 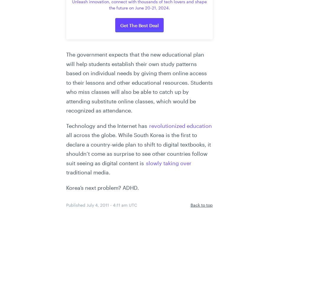 What do you see at coordinates (112, 205) in the screenshot?
I see `'July 4, 2011 - 4:11 am UTC'` at bounding box center [112, 205].